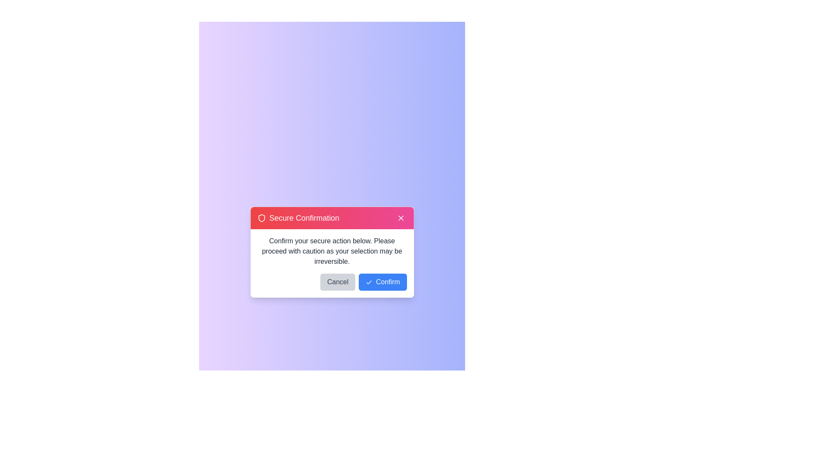  What do you see at coordinates (382, 282) in the screenshot?
I see `the 'Confirm' button, which is a rectangular button with rounded corners, a blue background, and white text, located to the right of the 'Cancel' button in the modal dialog box` at bounding box center [382, 282].